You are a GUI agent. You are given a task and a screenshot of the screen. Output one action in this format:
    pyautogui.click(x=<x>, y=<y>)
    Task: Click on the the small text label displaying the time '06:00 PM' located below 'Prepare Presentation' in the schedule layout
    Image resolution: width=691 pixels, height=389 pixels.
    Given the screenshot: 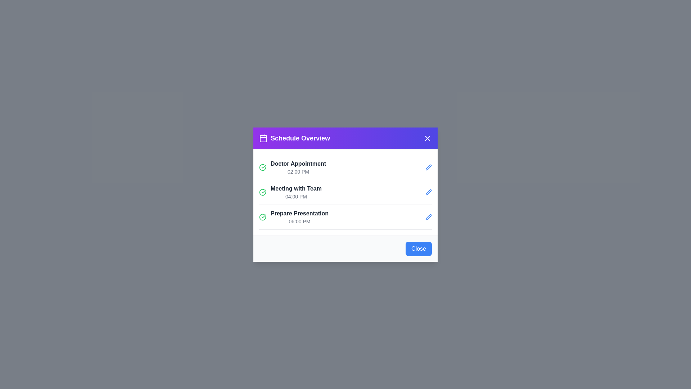 What is the action you would take?
    pyautogui.click(x=299, y=221)
    